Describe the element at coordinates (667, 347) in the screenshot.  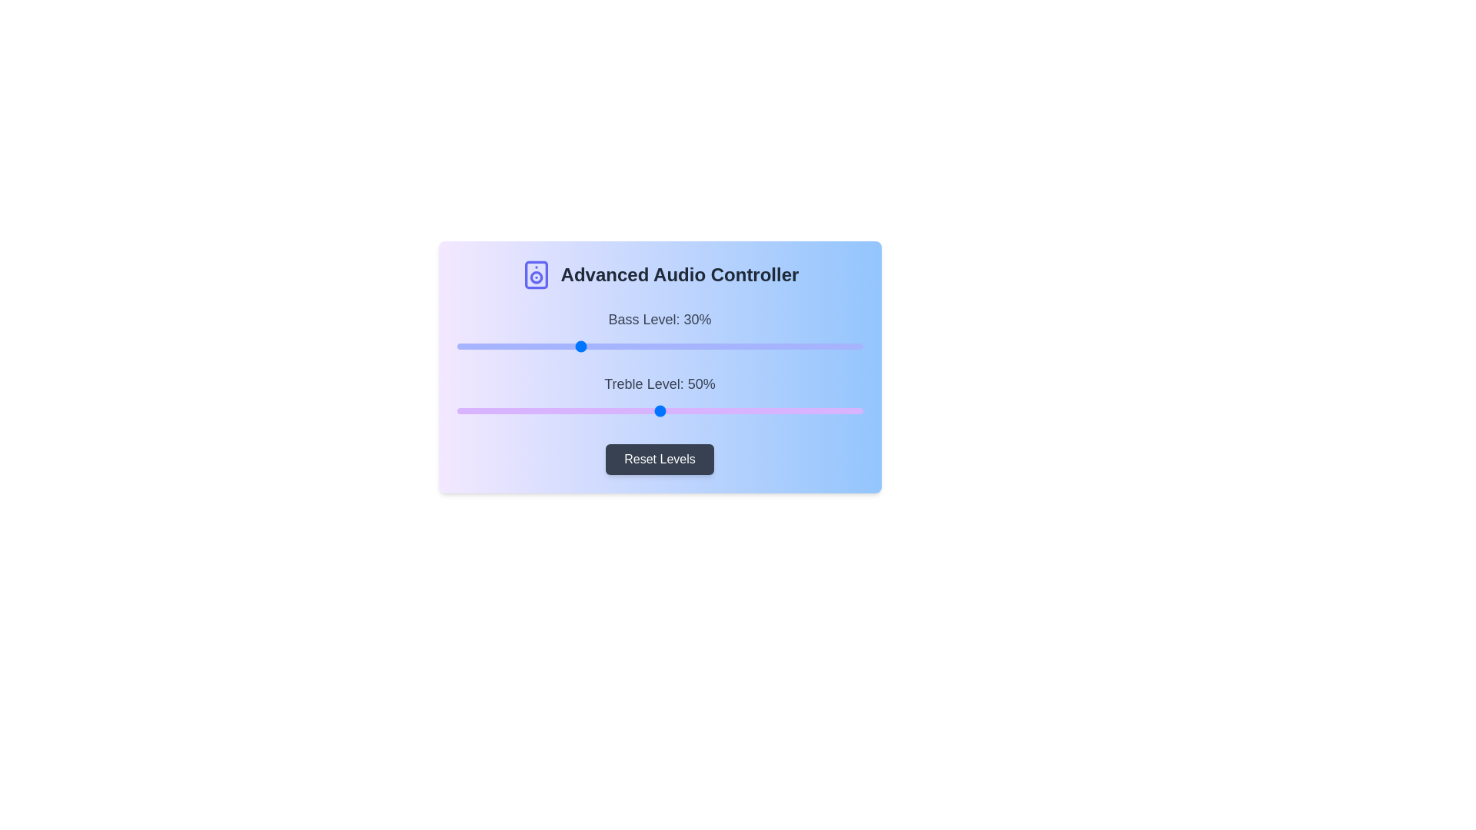
I see `the 0 slider to 52%` at that location.